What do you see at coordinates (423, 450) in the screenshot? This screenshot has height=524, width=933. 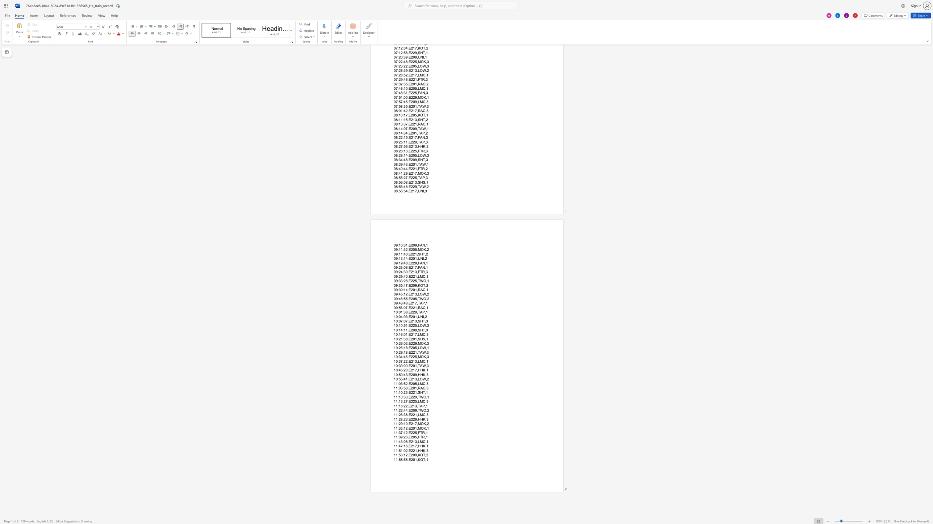 I see `the subset text "K,3" within the text "11:51:02,E221,HHK,3"` at bounding box center [423, 450].